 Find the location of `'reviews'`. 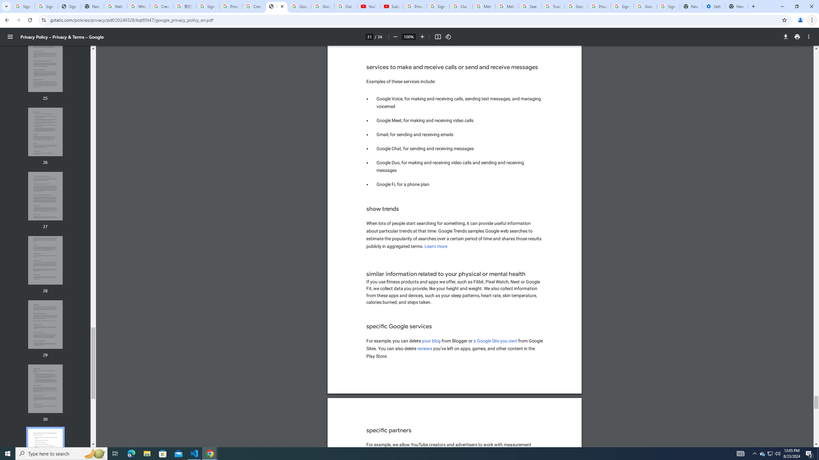

'reviews' is located at coordinates (424, 349).